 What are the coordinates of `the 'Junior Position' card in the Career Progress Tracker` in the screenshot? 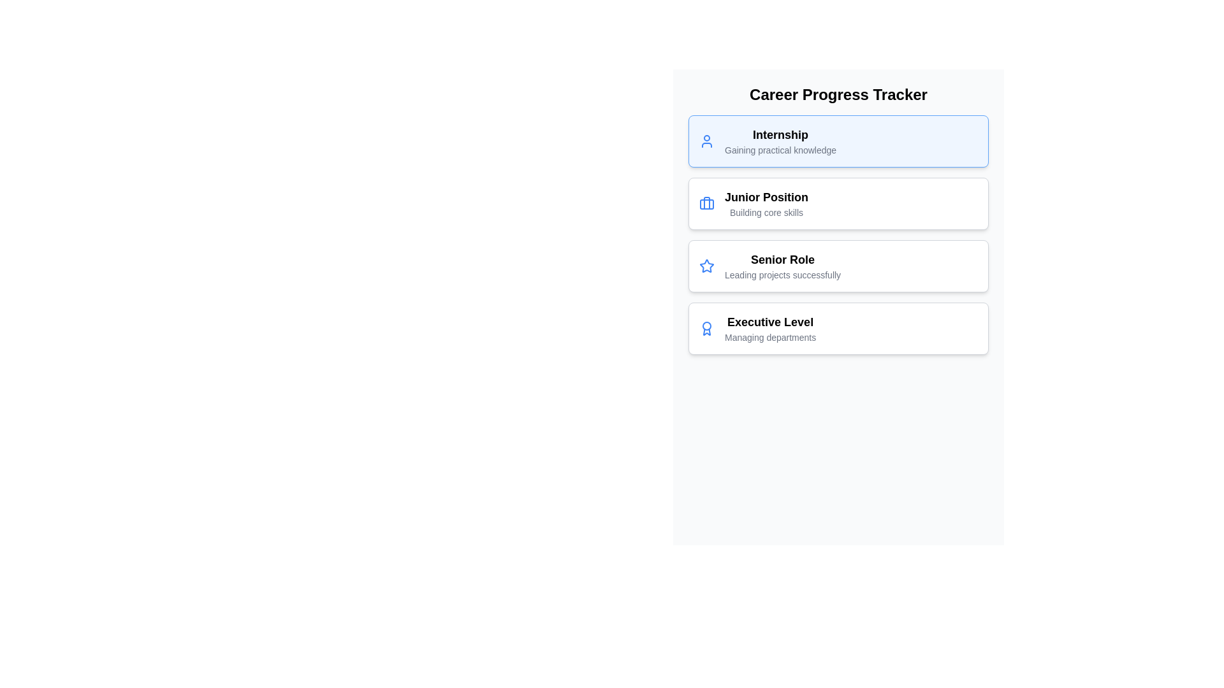 It's located at (766, 203).